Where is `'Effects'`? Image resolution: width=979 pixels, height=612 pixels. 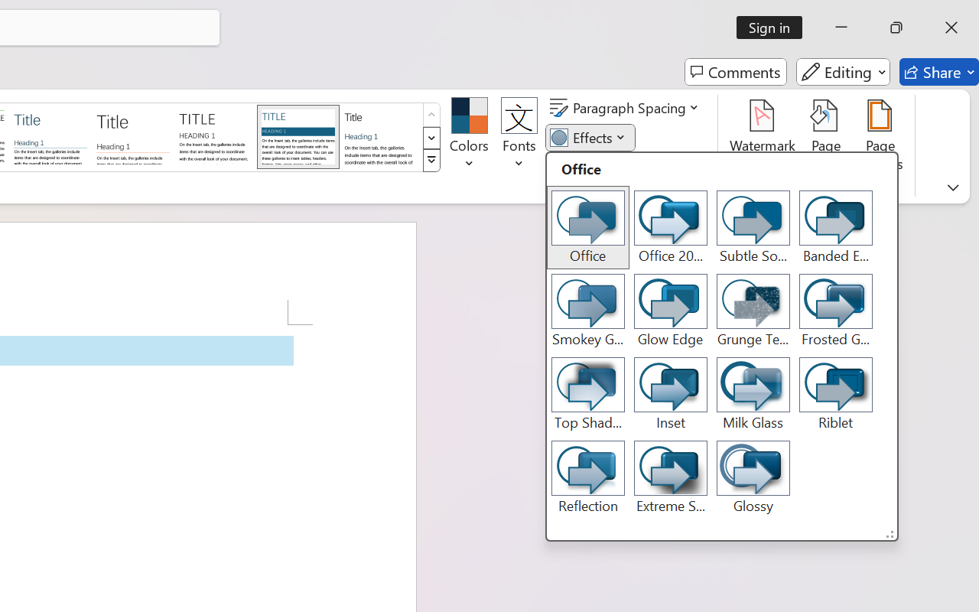
'Effects' is located at coordinates (589, 137).